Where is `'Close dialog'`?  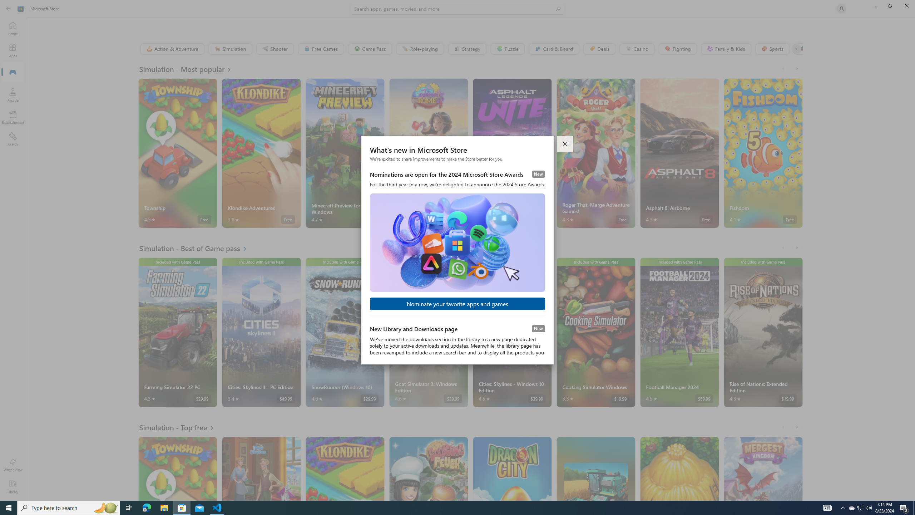
'Close dialog' is located at coordinates (565, 144).